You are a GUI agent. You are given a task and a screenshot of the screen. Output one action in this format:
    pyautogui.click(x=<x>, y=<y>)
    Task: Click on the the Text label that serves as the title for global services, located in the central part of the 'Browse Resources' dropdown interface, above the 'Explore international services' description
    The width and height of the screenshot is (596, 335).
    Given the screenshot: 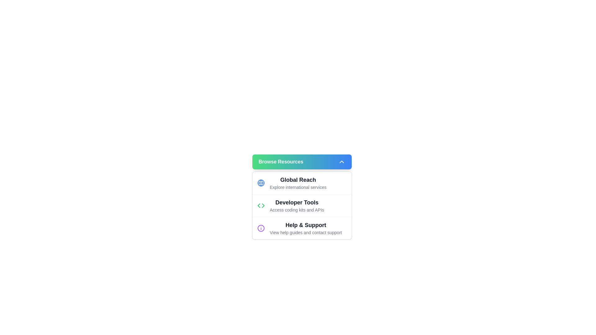 What is the action you would take?
    pyautogui.click(x=298, y=180)
    